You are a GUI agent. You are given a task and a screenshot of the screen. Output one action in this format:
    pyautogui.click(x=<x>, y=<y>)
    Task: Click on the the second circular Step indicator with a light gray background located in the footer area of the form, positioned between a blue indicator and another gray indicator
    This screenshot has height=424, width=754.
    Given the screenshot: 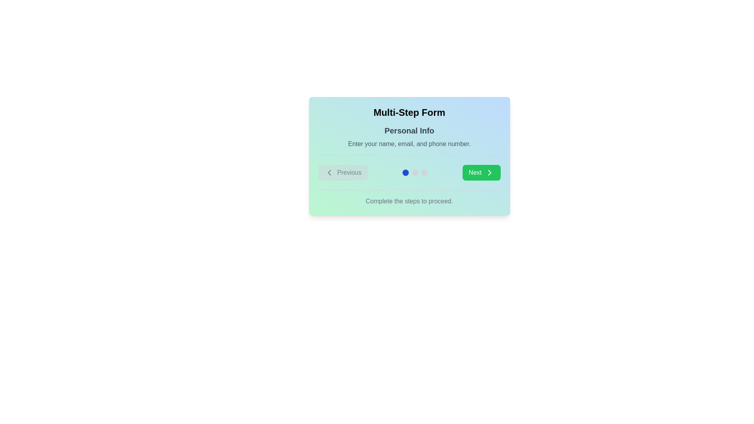 What is the action you would take?
    pyautogui.click(x=415, y=172)
    